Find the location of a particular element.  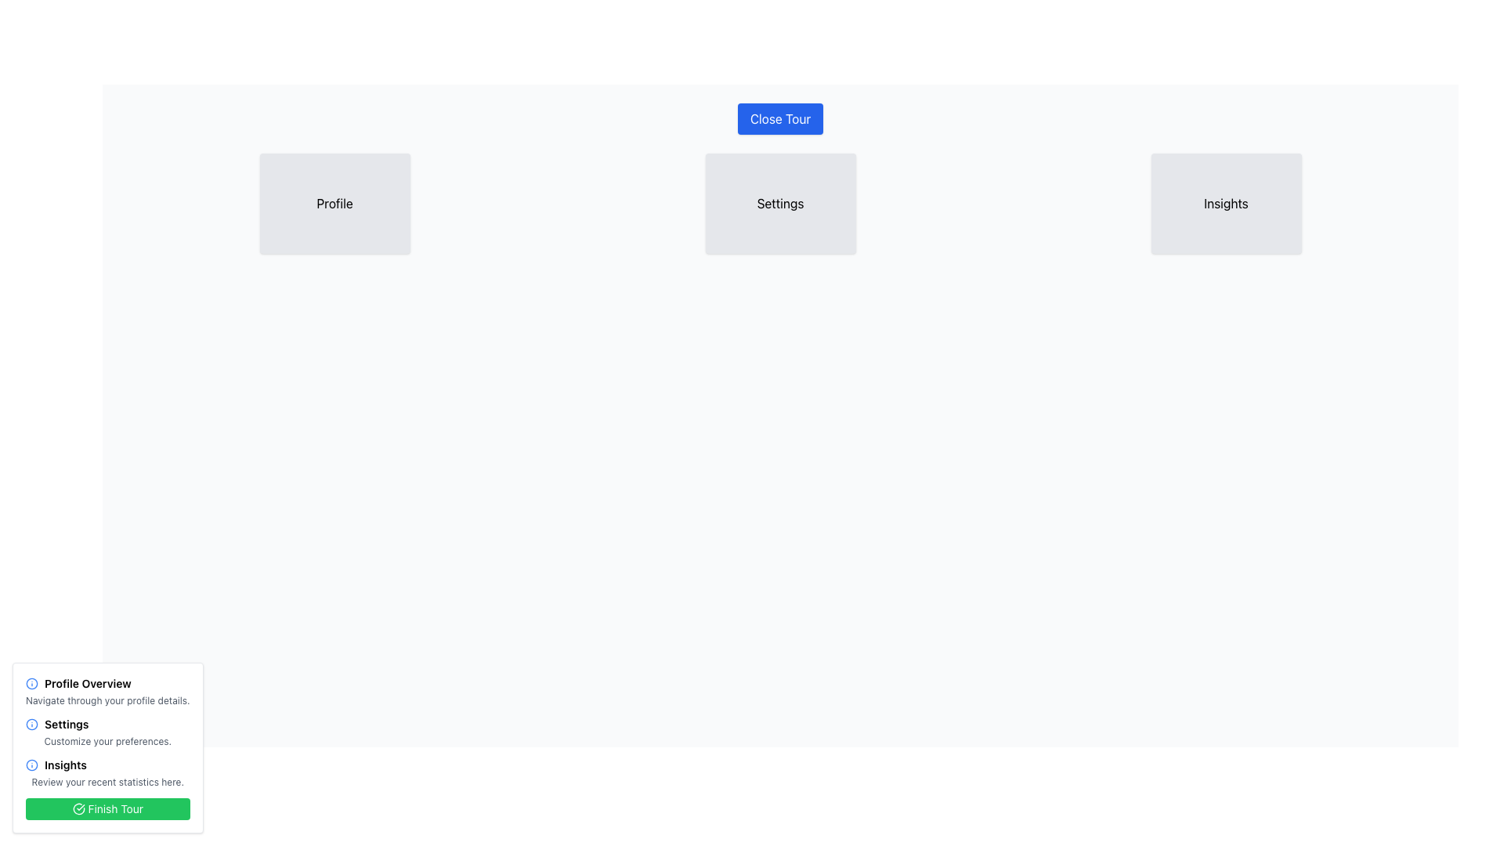

the text label indicating an accessible settings or customization feature located in the lower-left section of the interface, which is the second item in a vertical list is located at coordinates (66, 725).